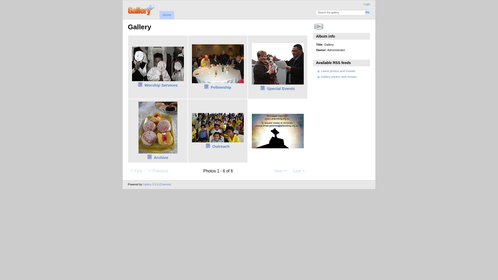 The height and width of the screenshot is (280, 498). What do you see at coordinates (321, 71) in the screenshot?
I see `'Latest photos and movies'` at bounding box center [321, 71].